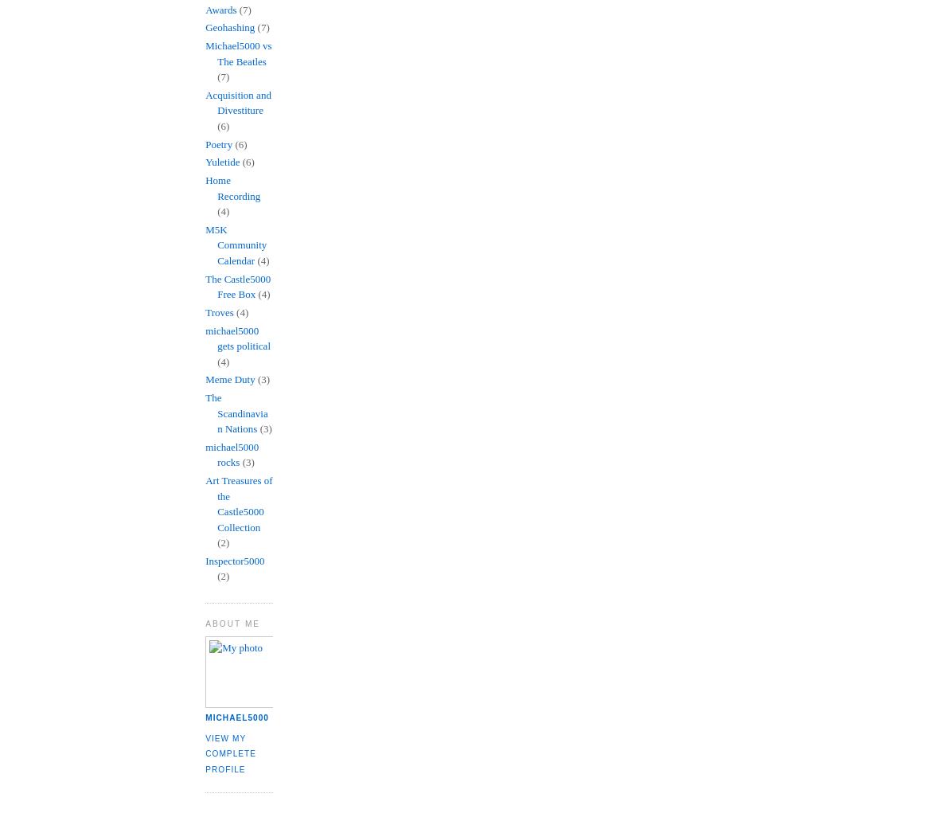 This screenshot has width=936, height=825. I want to click on 'The Scandinavian Nations', so click(205, 413).